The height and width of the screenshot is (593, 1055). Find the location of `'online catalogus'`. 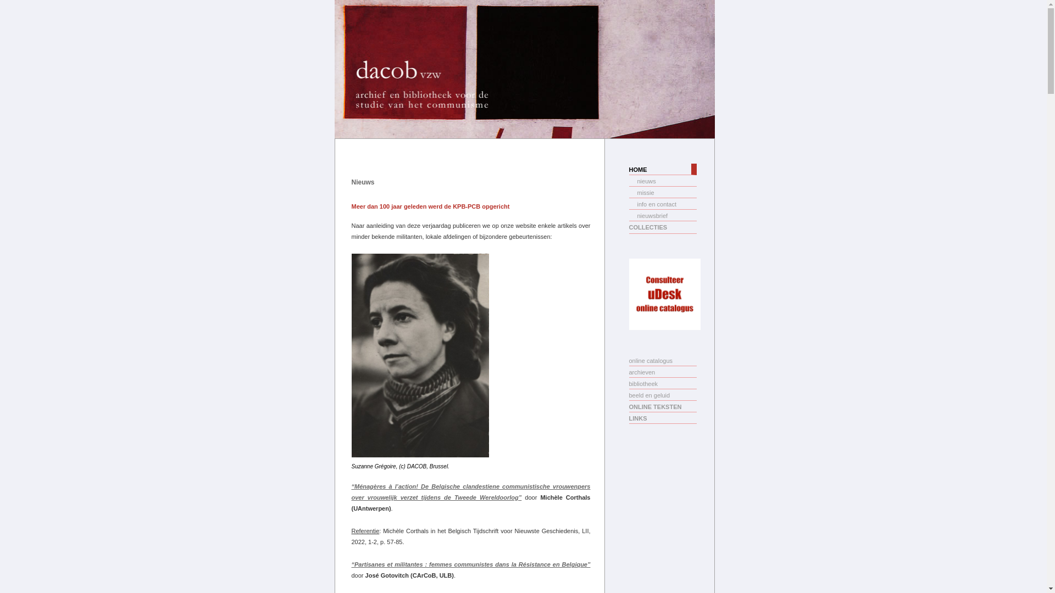

'online catalogus' is located at coordinates (662, 360).